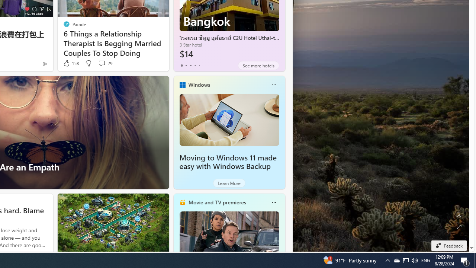 Image resolution: width=476 pixels, height=268 pixels. What do you see at coordinates (195, 65) in the screenshot?
I see `'tab-3'` at bounding box center [195, 65].